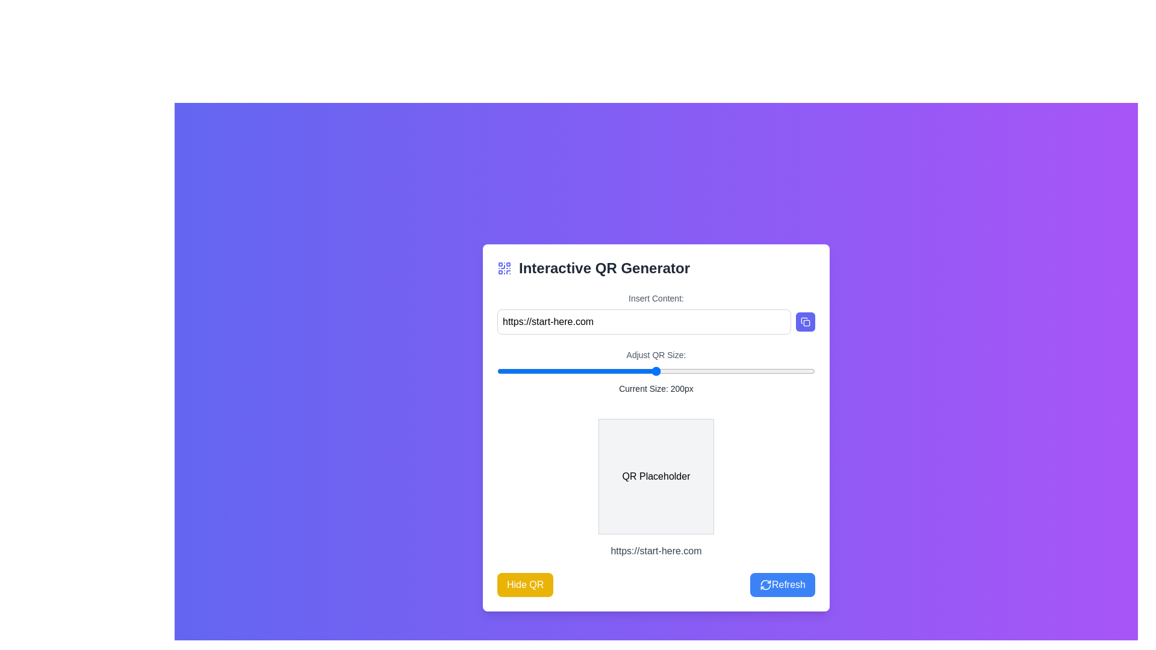 Image resolution: width=1156 pixels, height=650 pixels. I want to click on the QR code size, so click(562, 371).